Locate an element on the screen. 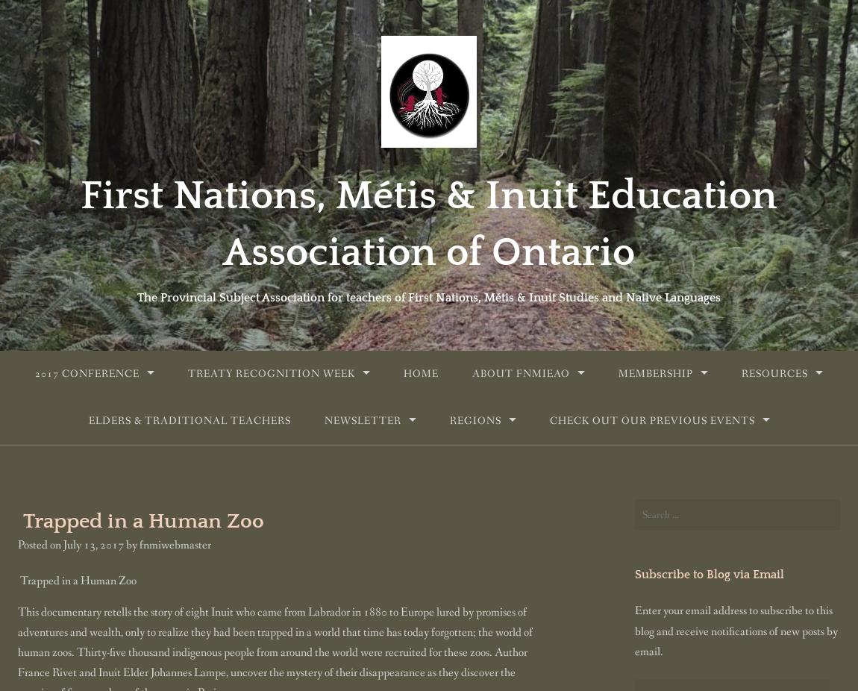 The height and width of the screenshot is (691, 858). 'Membership' is located at coordinates (655, 372).